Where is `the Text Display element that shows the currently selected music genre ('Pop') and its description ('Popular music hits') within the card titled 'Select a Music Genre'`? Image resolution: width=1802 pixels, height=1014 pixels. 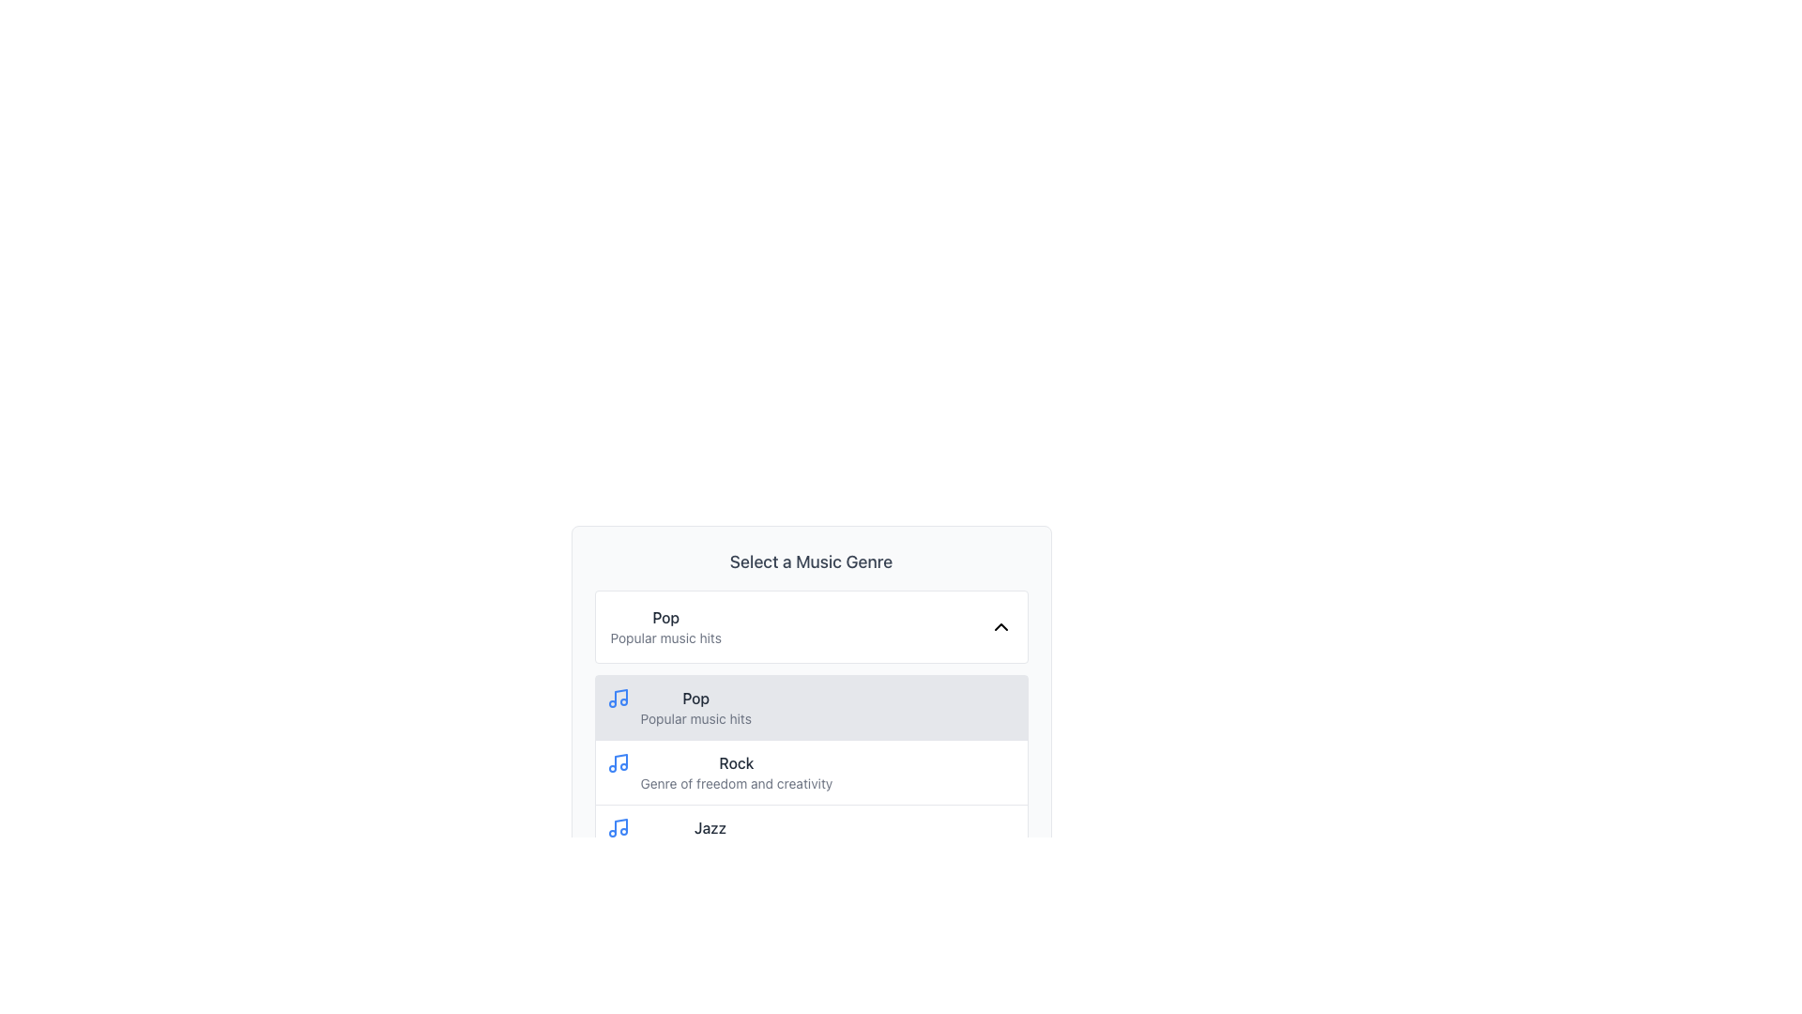
the Text Display element that shows the currently selected music genre ('Pop') and its description ('Popular music hits') within the card titled 'Select a Music Genre' is located at coordinates (665, 626).